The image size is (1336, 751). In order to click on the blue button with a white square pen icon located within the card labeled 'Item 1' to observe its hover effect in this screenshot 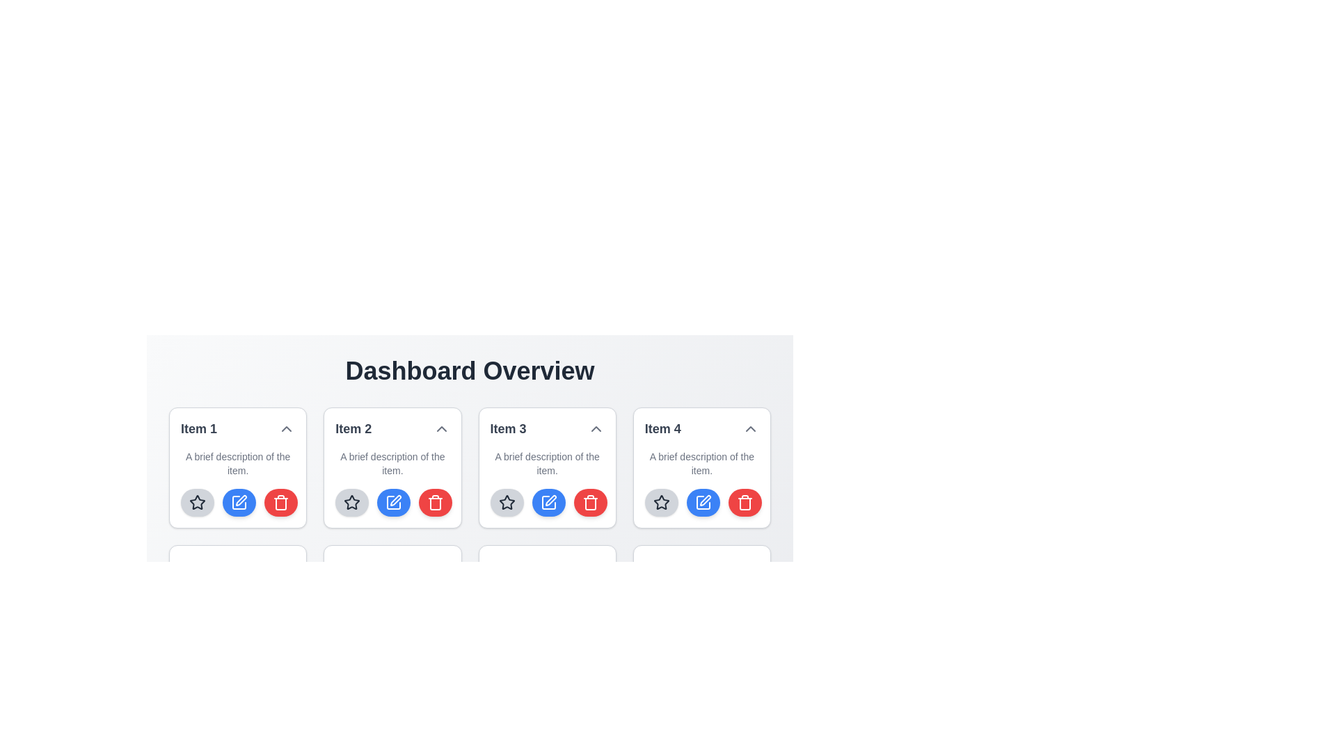, I will do `click(238, 502)`.